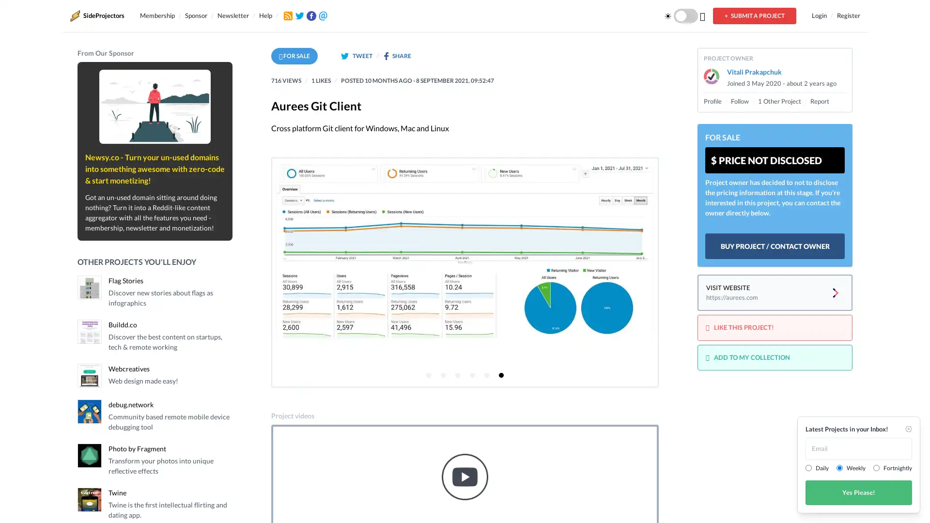  Describe the element at coordinates (774, 357) in the screenshot. I see `ADD TO MY COLLECTION` at that location.